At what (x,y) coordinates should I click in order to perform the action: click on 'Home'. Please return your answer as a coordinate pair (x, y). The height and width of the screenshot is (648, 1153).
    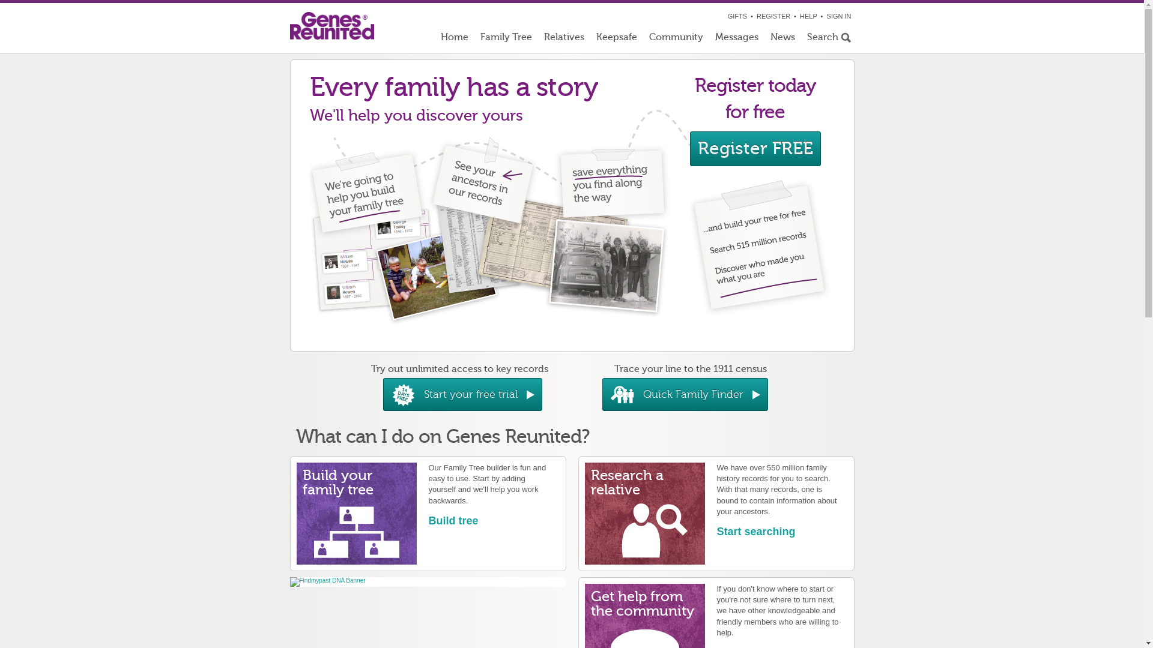
    Looking at the image, I should click on (454, 39).